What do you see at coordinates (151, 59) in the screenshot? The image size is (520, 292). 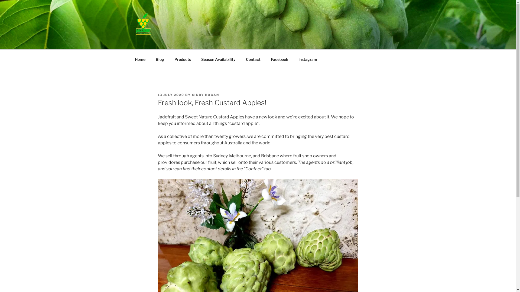 I see `'Blog'` at bounding box center [151, 59].